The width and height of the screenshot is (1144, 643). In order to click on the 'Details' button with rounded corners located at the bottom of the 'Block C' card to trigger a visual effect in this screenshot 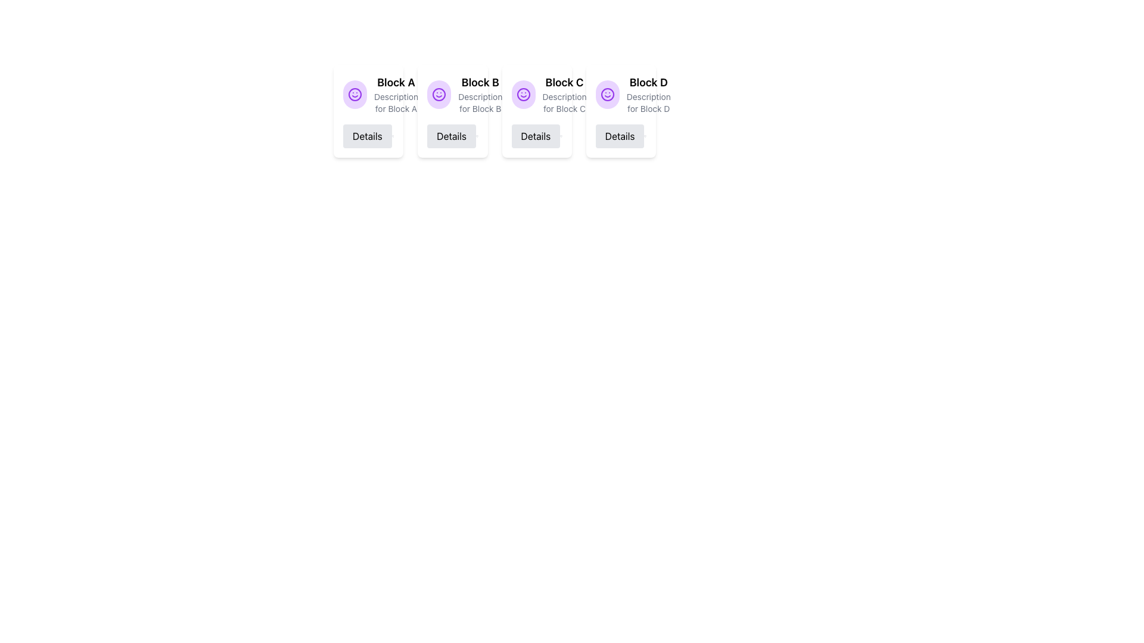, I will do `click(536, 135)`.